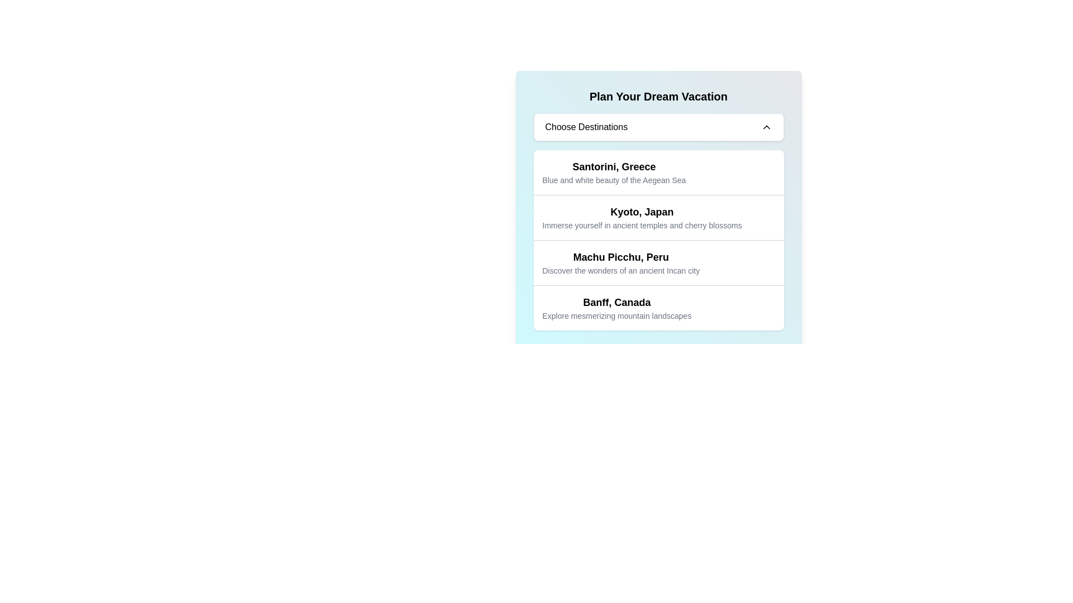  I want to click on the dropdown button located under the 'Plan Your Dream Vacation' title to enable keyboard interaction, so click(658, 126).